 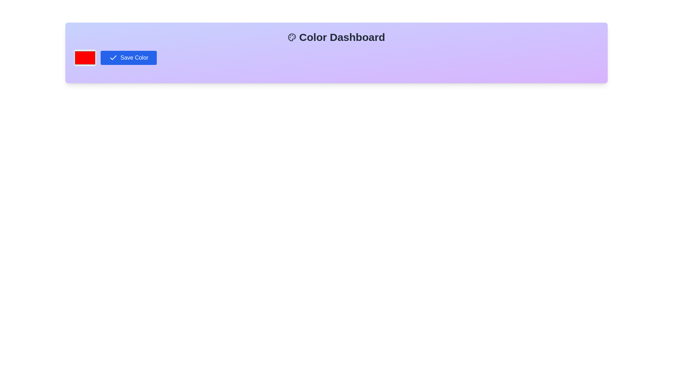 I want to click on the check mark icon located within the 'Save Color' button in the upper-left portion of the interface, so click(x=113, y=58).